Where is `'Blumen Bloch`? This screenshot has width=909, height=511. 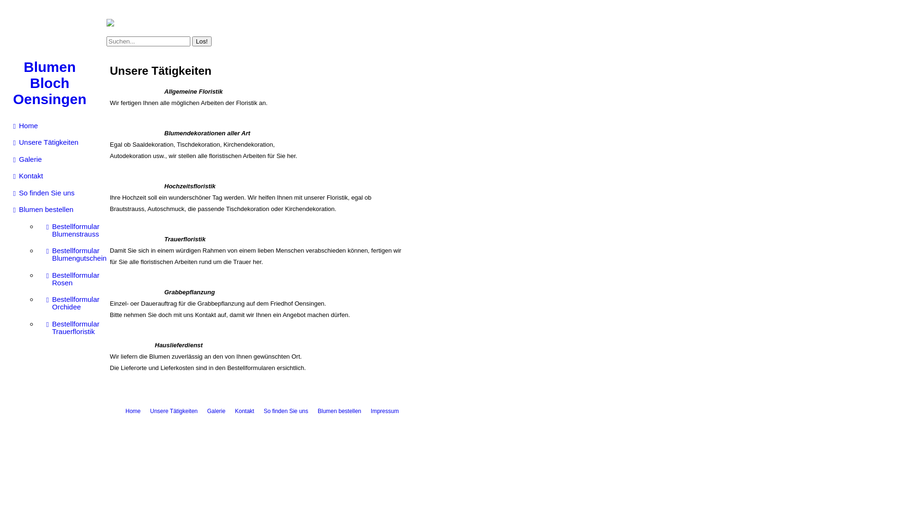 'Blumen Bloch is located at coordinates (49, 83).